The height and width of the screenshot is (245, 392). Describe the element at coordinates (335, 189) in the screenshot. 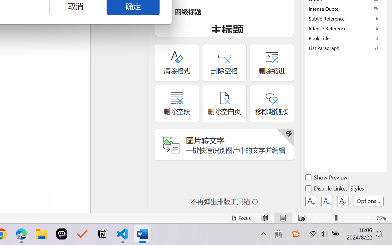

I see `'Disable Linked Styles'` at that location.